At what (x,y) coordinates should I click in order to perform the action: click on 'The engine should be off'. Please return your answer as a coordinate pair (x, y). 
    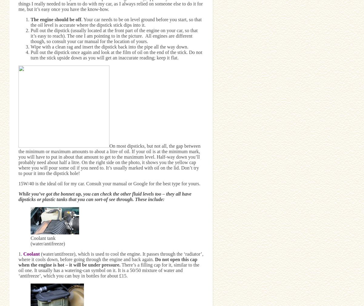
    Looking at the image, I should click on (56, 19).